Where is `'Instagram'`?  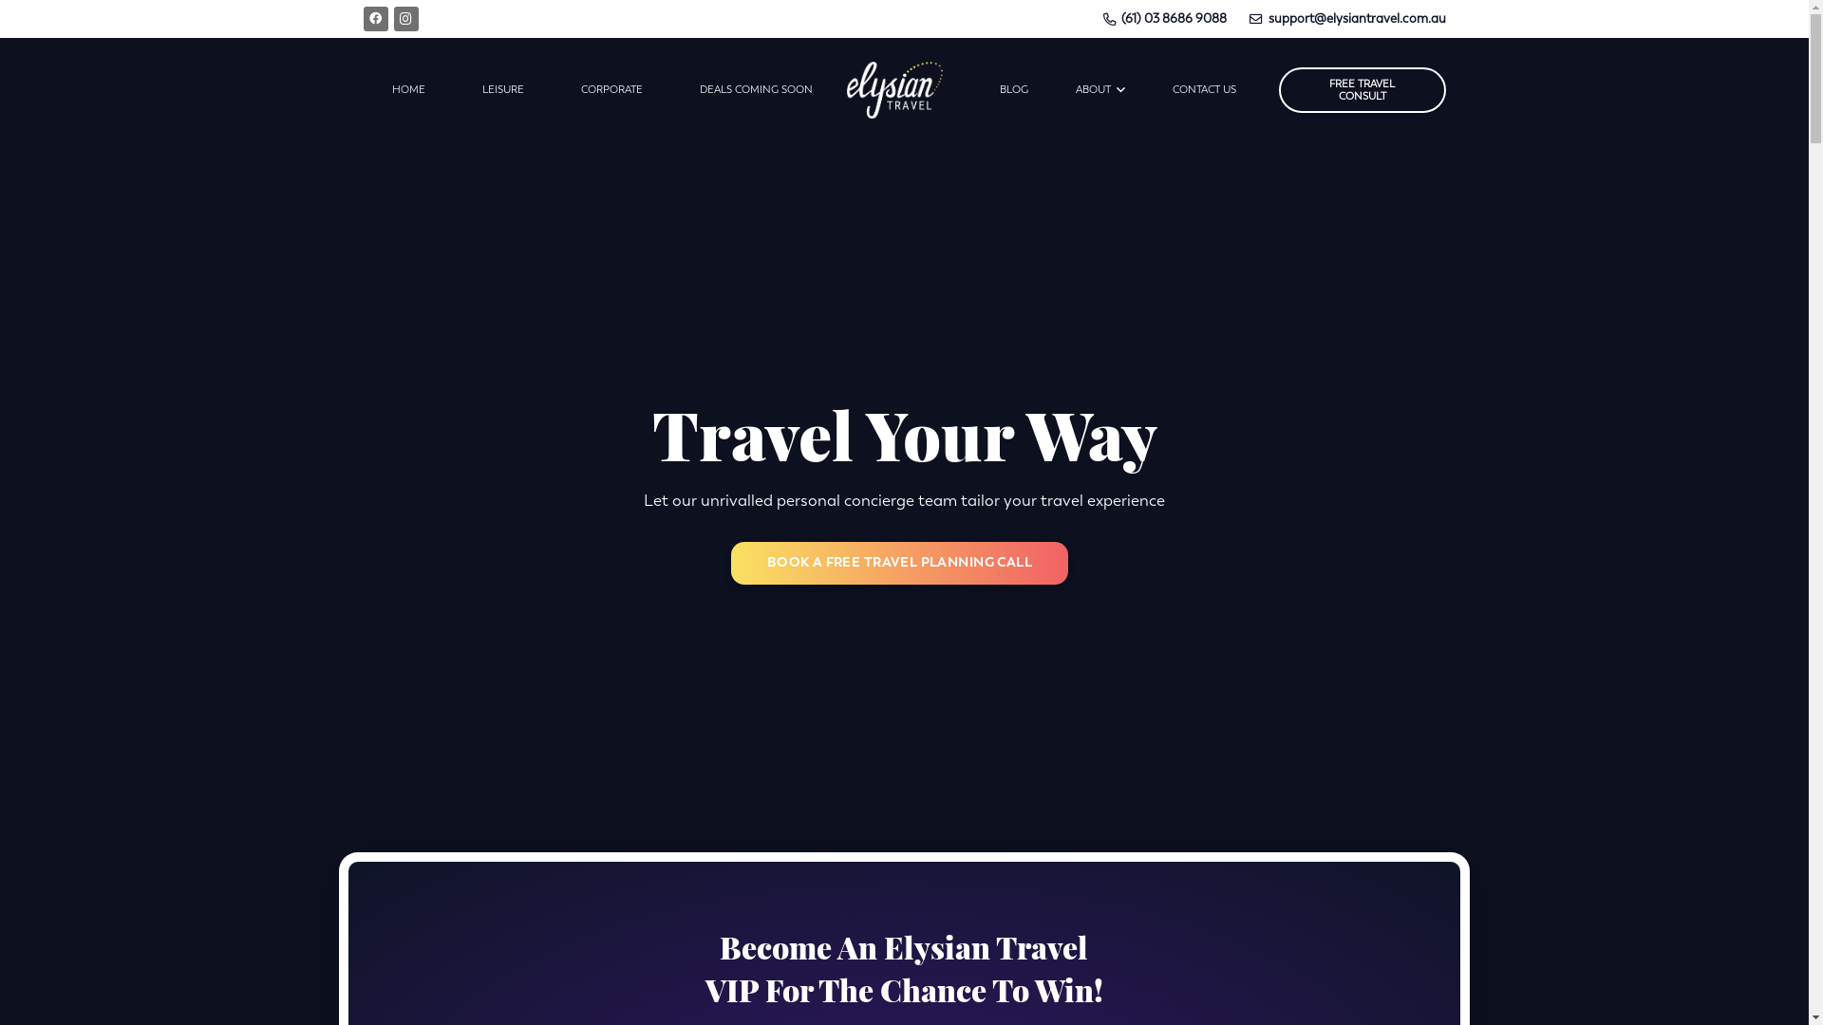 'Instagram' is located at coordinates (391, 18).